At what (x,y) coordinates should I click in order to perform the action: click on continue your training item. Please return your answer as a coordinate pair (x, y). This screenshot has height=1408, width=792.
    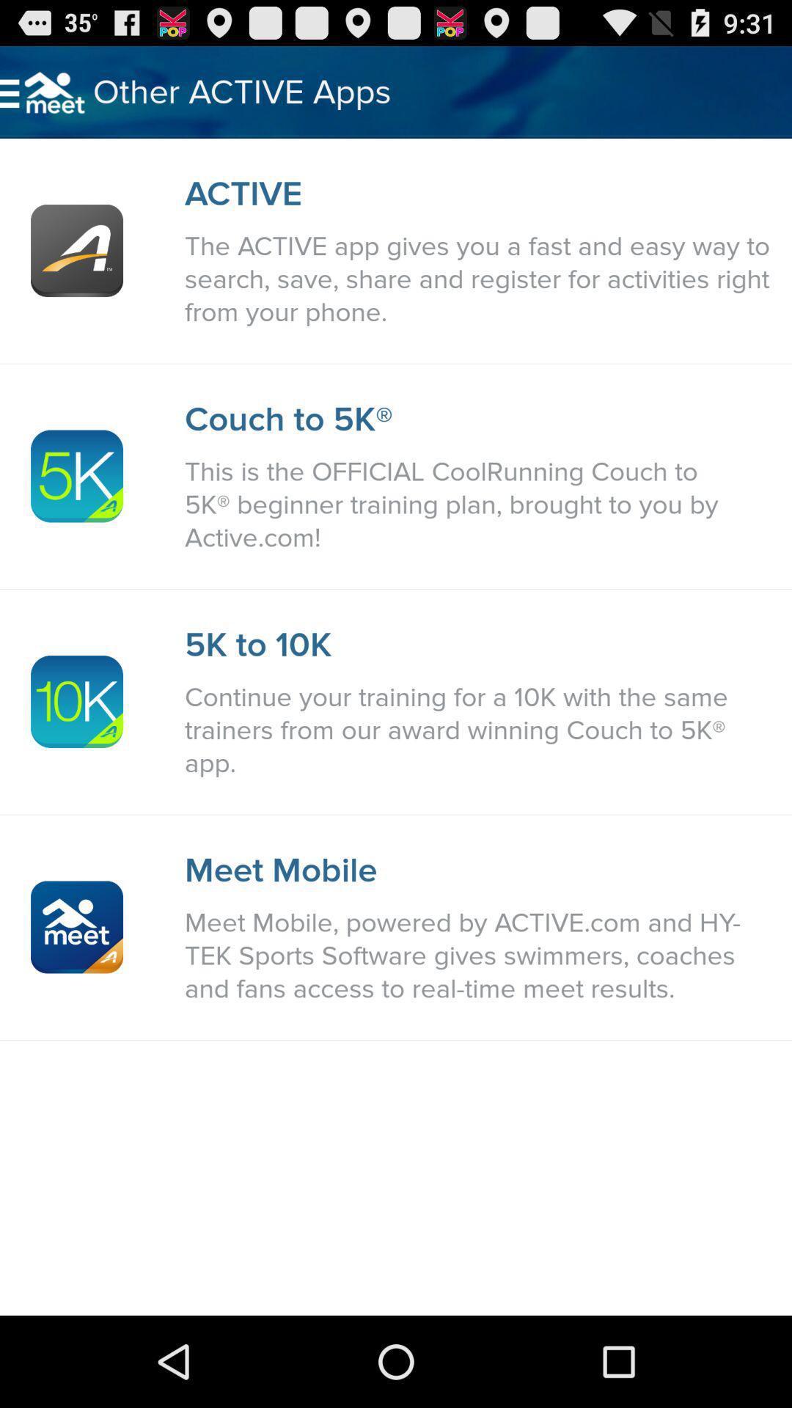
    Looking at the image, I should click on (480, 730).